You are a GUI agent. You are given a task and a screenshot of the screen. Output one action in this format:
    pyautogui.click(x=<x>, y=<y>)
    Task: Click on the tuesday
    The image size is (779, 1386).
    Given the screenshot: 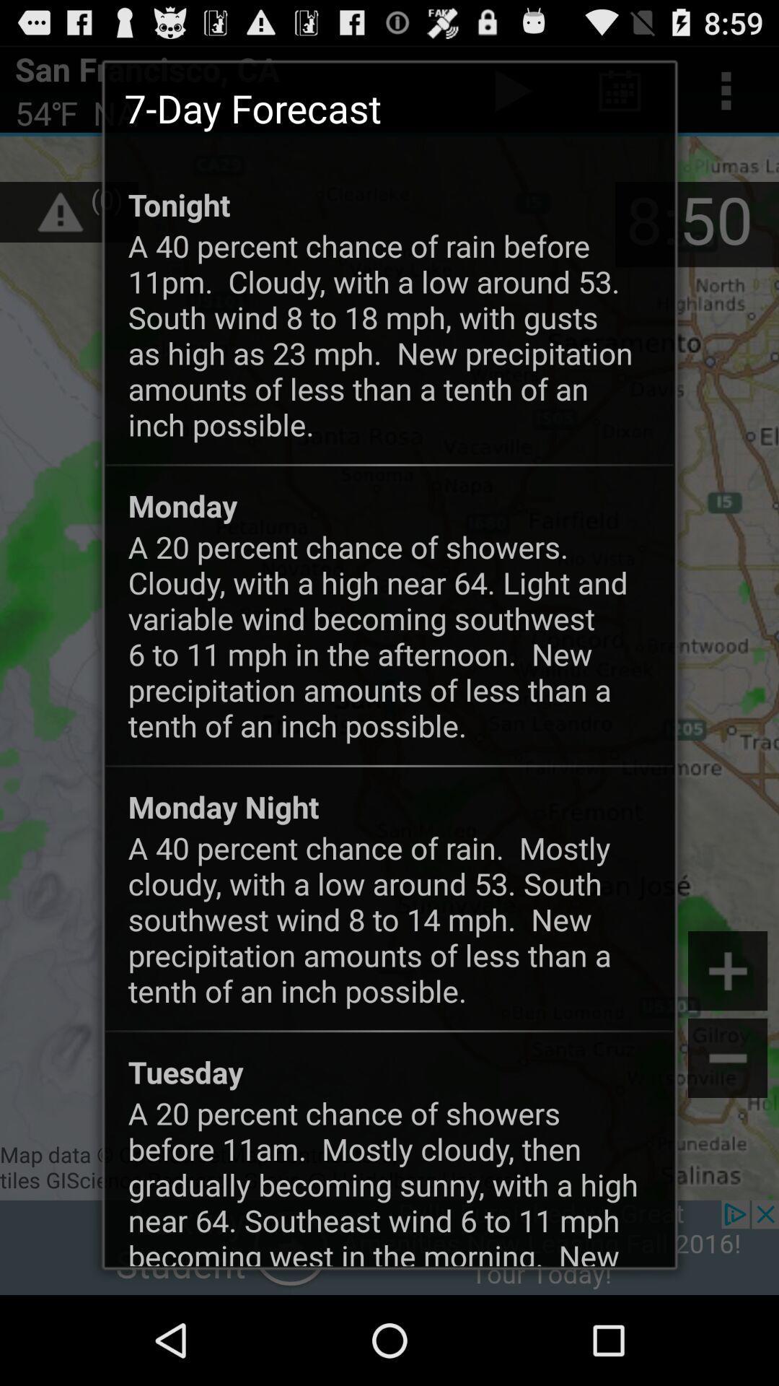 What is the action you would take?
    pyautogui.click(x=185, y=1071)
    